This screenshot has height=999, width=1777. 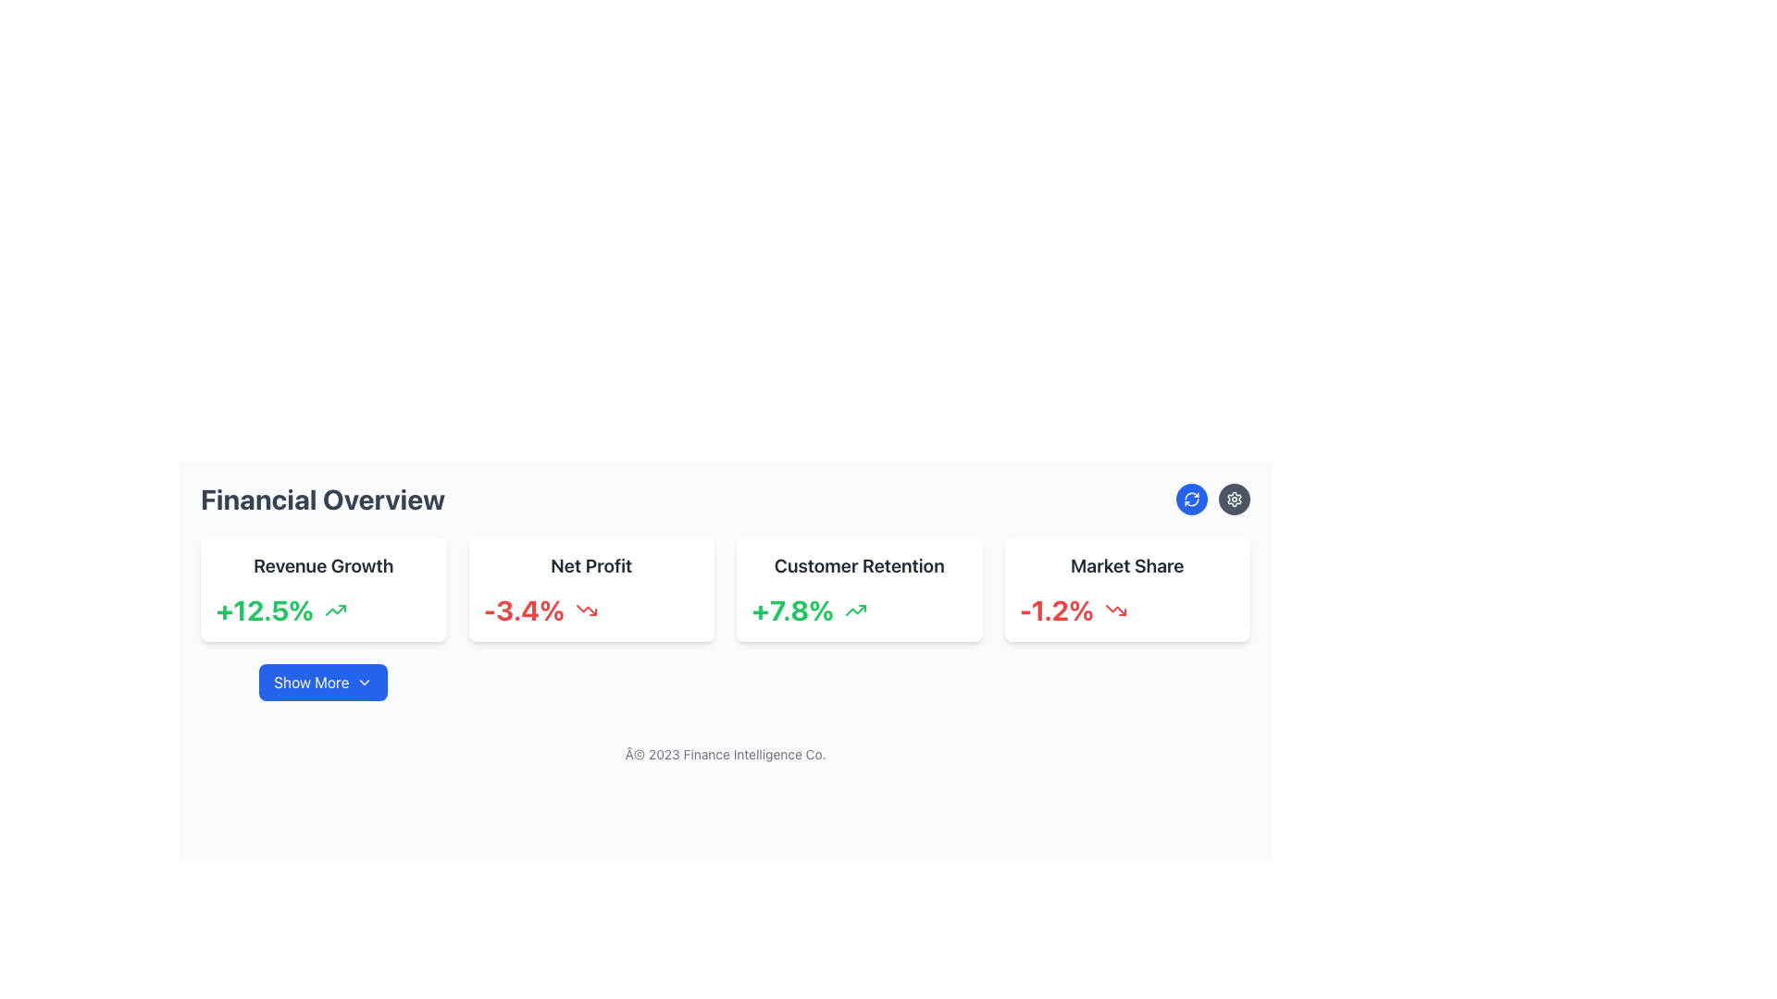 I want to click on the 'Net Profit' text label, which is styled with a large font size and bold weight, located at the top of the second card in a row of cards, so click(x=590, y=565).